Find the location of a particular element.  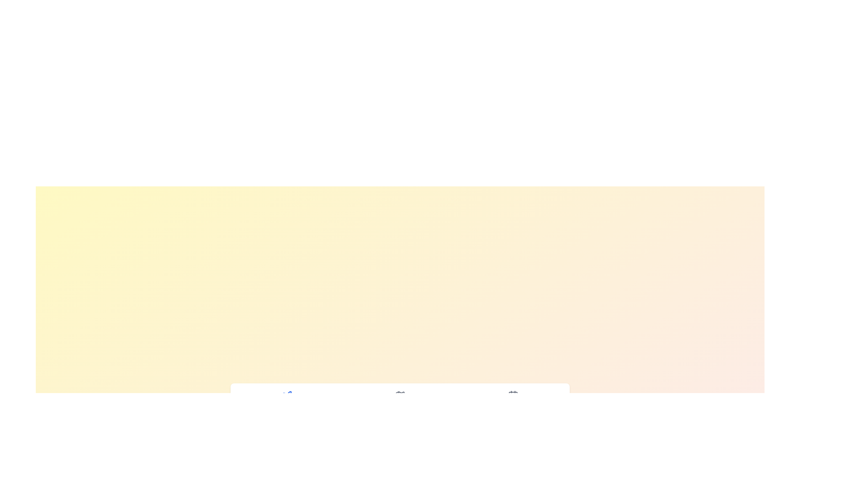

the Flights tab to view its content is located at coordinates (287, 401).